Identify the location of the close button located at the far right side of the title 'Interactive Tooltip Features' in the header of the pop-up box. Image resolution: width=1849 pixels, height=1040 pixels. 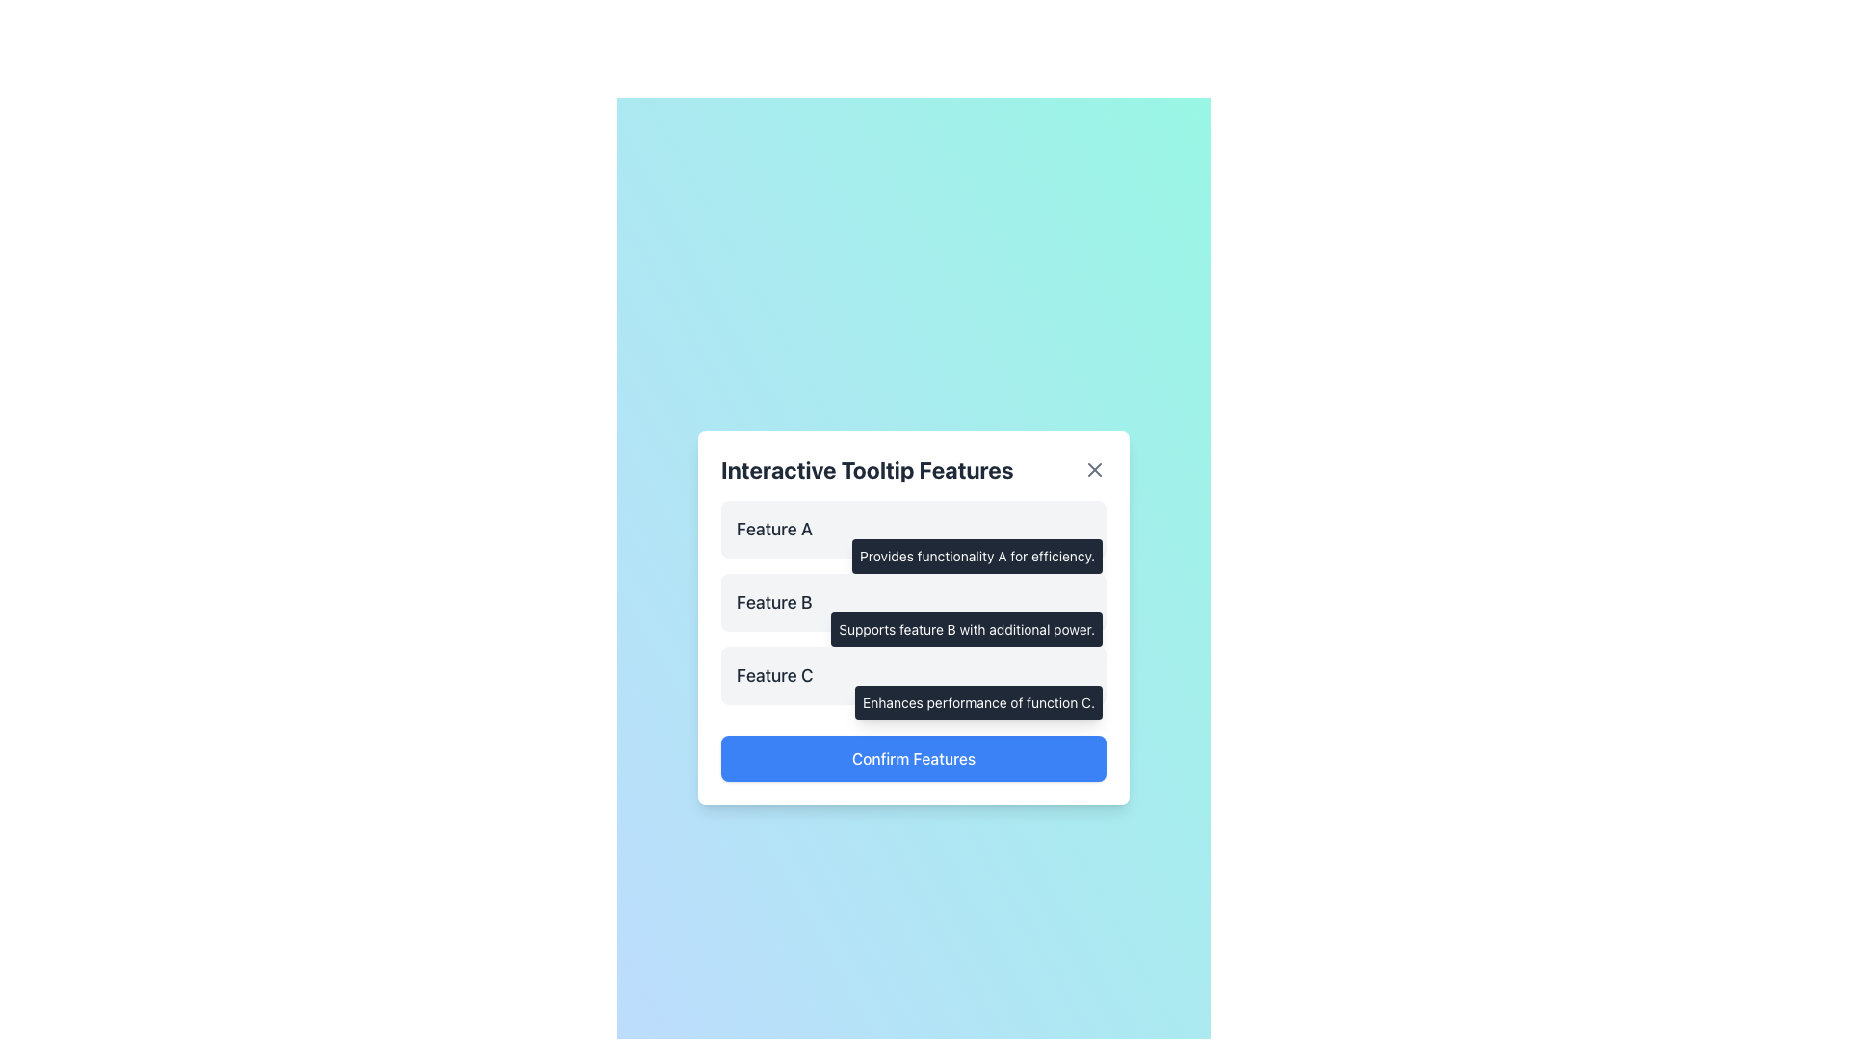
(1095, 470).